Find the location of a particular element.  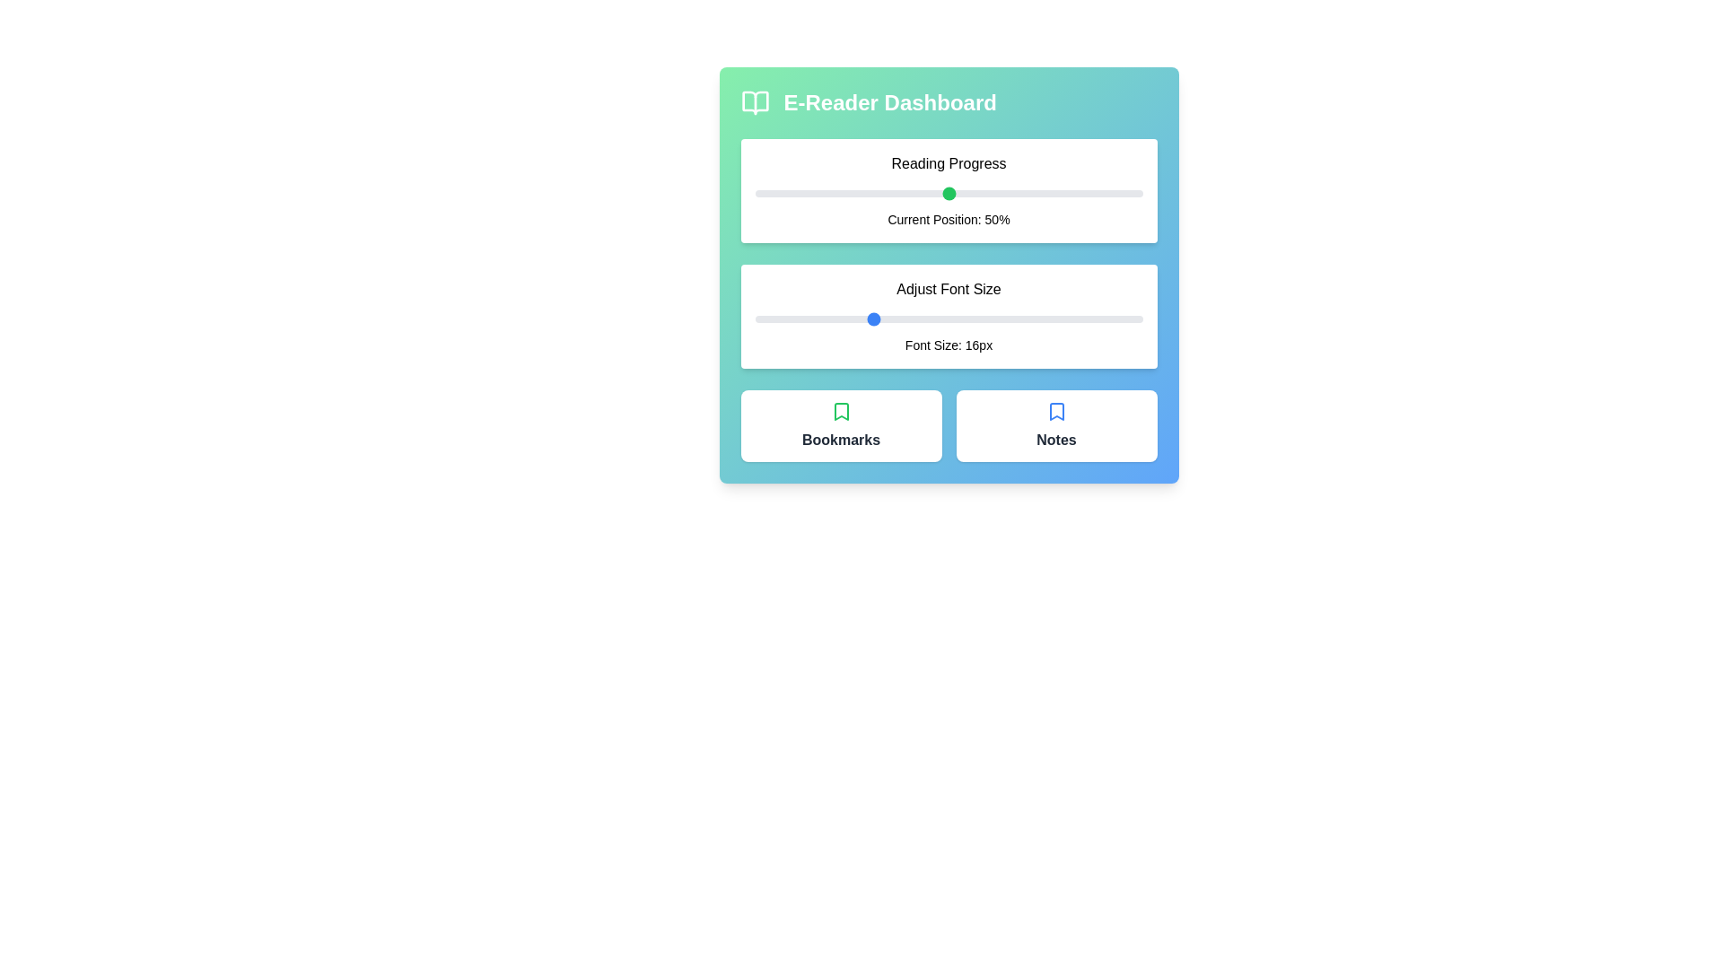

the reading progress slider to 52% is located at coordinates (956, 194).